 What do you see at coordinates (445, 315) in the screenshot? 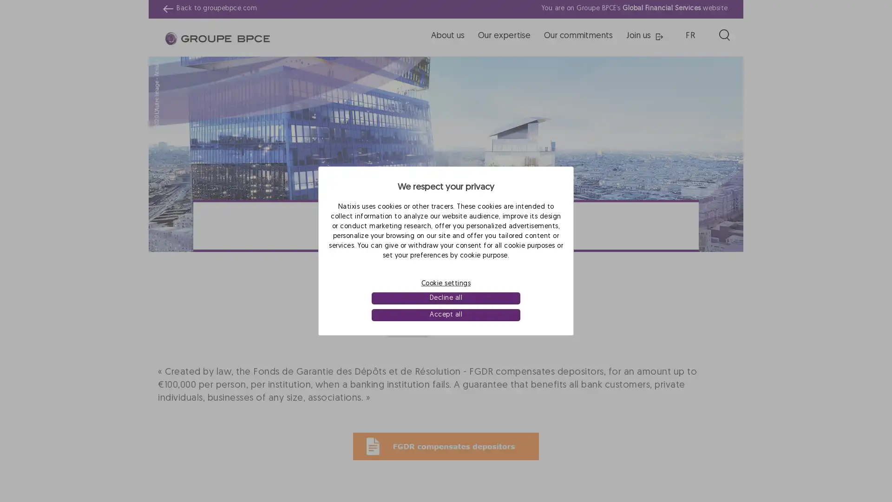
I see `Accept all` at bounding box center [445, 315].